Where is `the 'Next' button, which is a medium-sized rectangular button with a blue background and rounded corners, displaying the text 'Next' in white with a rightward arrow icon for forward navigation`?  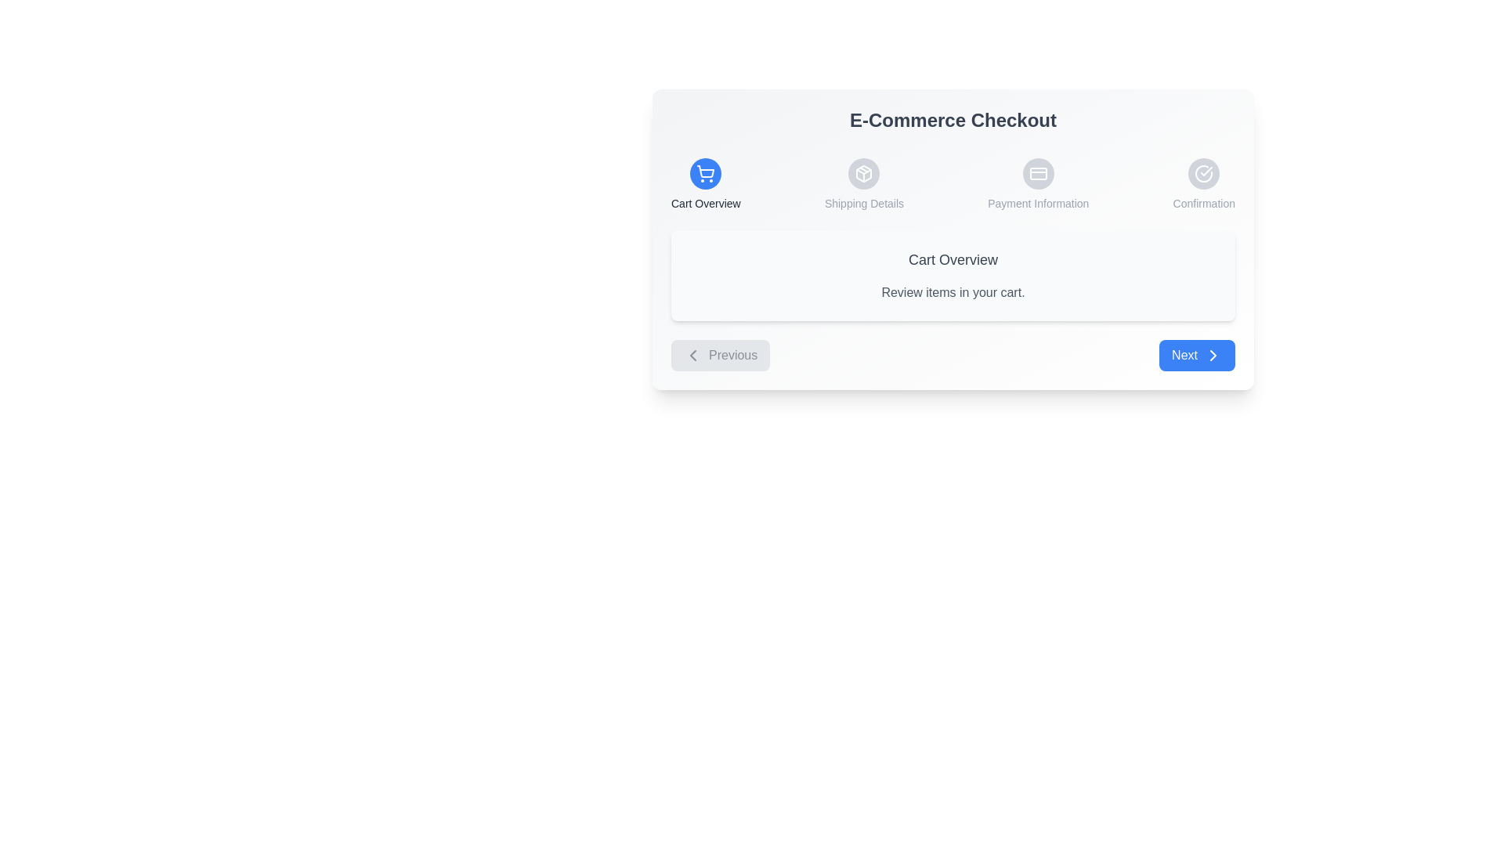
the 'Next' button, which is a medium-sized rectangular button with a blue background and rounded corners, displaying the text 'Next' in white with a rightward arrow icon for forward navigation is located at coordinates (1196, 356).